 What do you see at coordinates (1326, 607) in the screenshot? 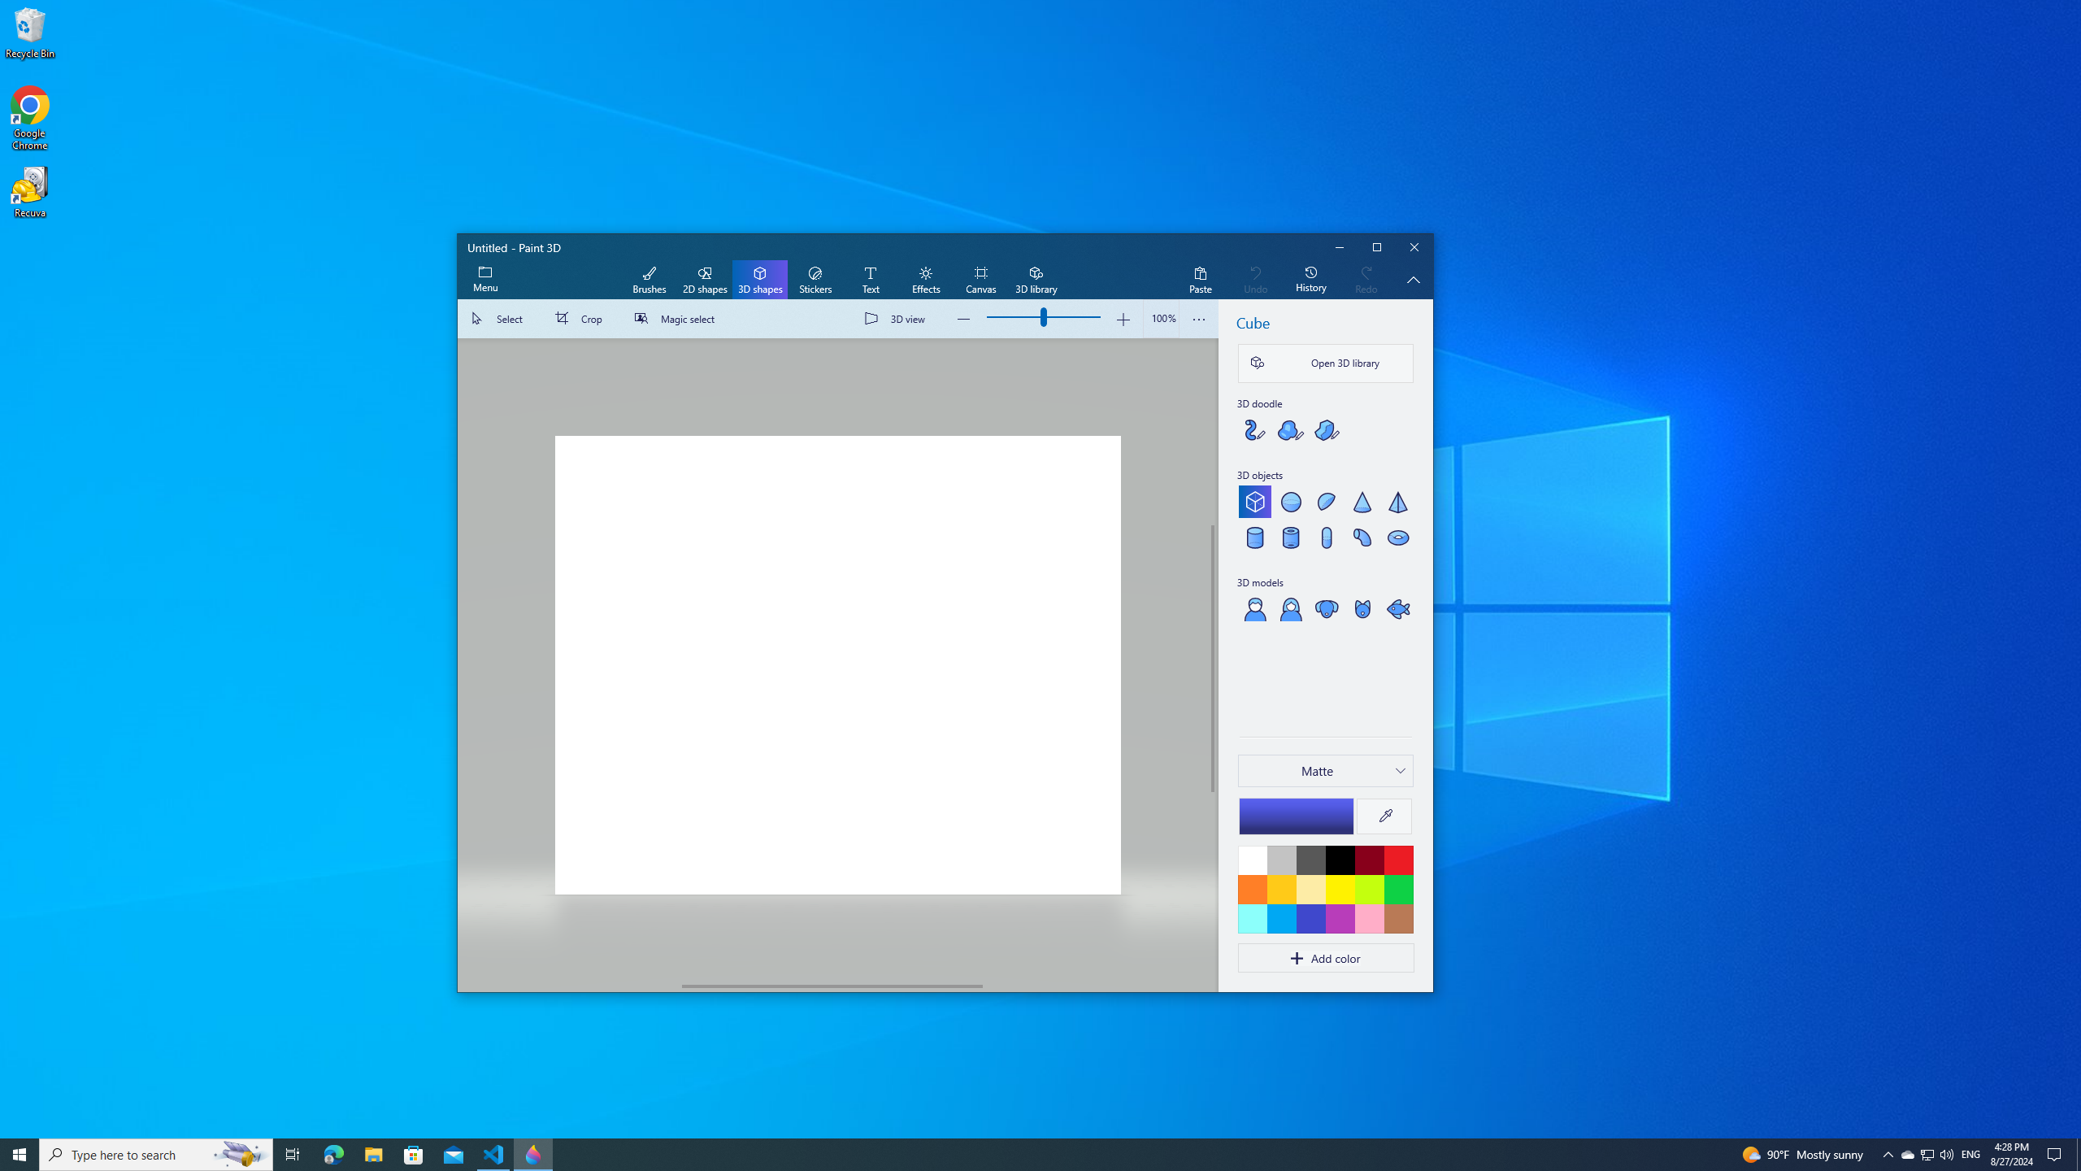
I see `'Dog'` at bounding box center [1326, 607].